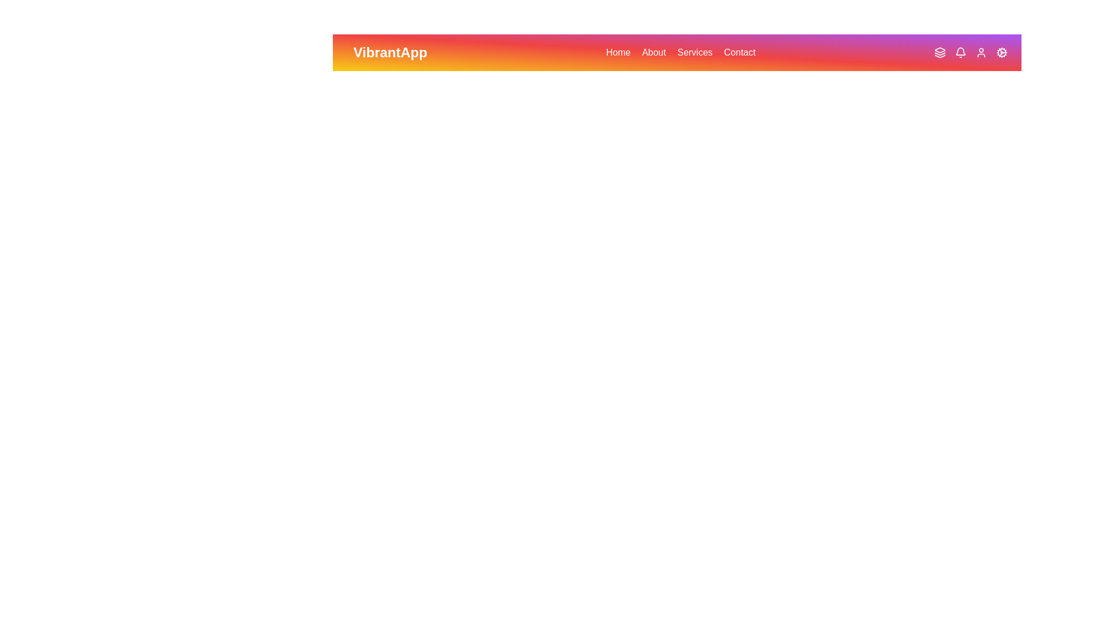 The height and width of the screenshot is (619, 1100). I want to click on the Cog icon in the VibrantAppBar, so click(1001, 53).